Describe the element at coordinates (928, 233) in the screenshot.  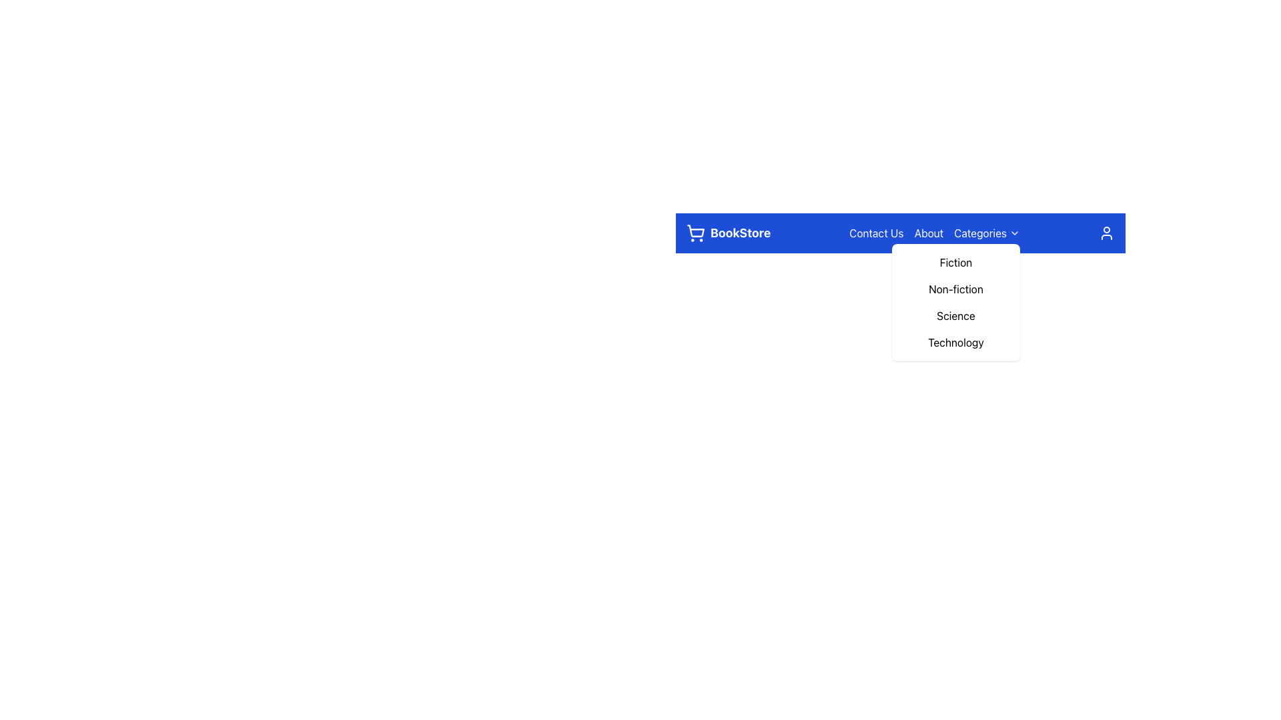
I see `the 'About' text link in the navigation bar to possibly see additional information` at that location.